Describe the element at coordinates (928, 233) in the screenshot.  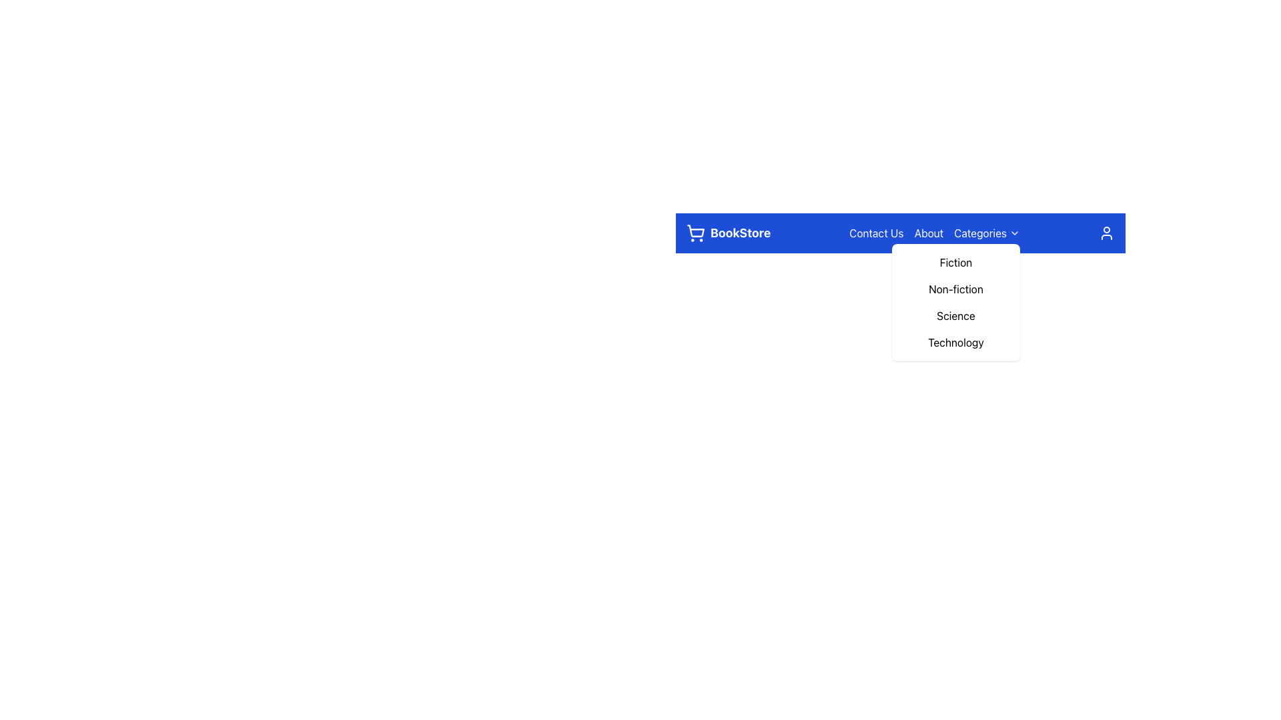
I see `the 'About' text link in the navigation bar to possibly see additional information` at that location.